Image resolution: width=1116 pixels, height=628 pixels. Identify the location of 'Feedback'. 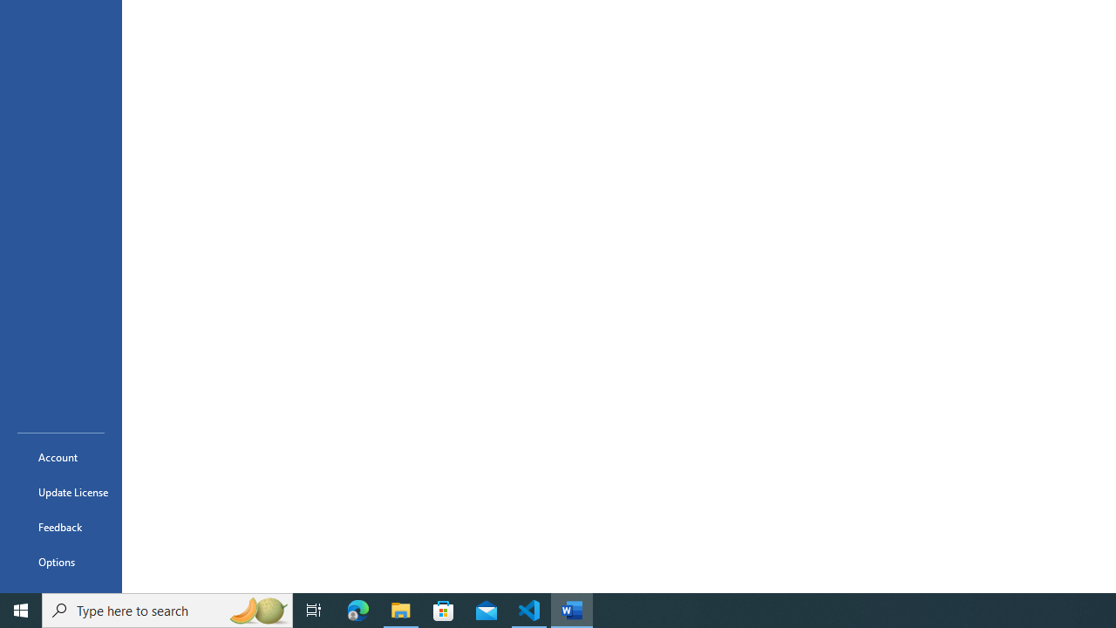
(60, 526).